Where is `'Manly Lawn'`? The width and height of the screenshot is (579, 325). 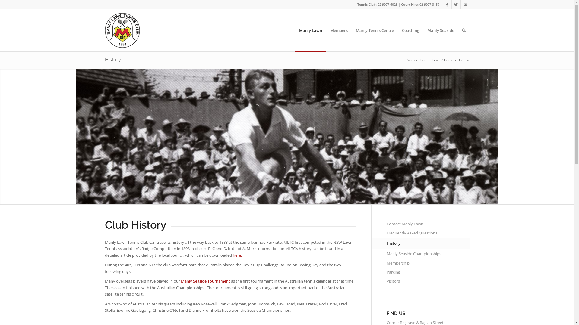 'Manly Lawn' is located at coordinates (310, 30).